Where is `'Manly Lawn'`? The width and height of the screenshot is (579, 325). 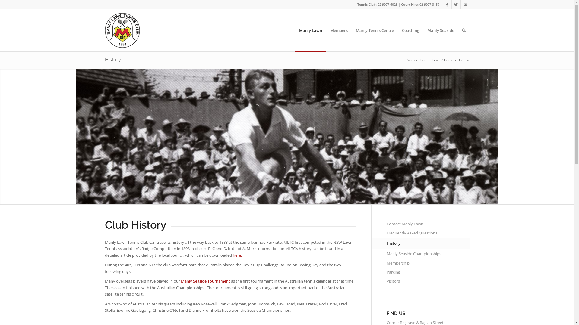 'Manly Lawn' is located at coordinates (310, 30).